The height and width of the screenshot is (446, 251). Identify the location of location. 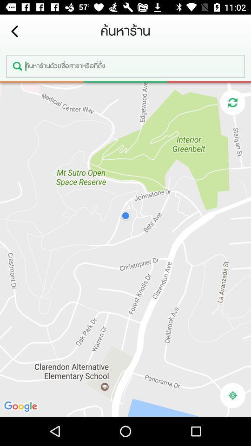
(232, 395).